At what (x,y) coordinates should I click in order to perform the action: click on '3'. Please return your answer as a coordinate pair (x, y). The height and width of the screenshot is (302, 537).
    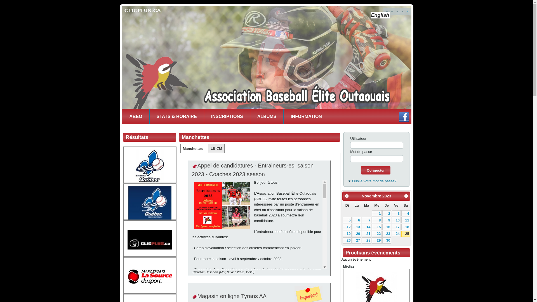
    Looking at the image, I should click on (392, 213).